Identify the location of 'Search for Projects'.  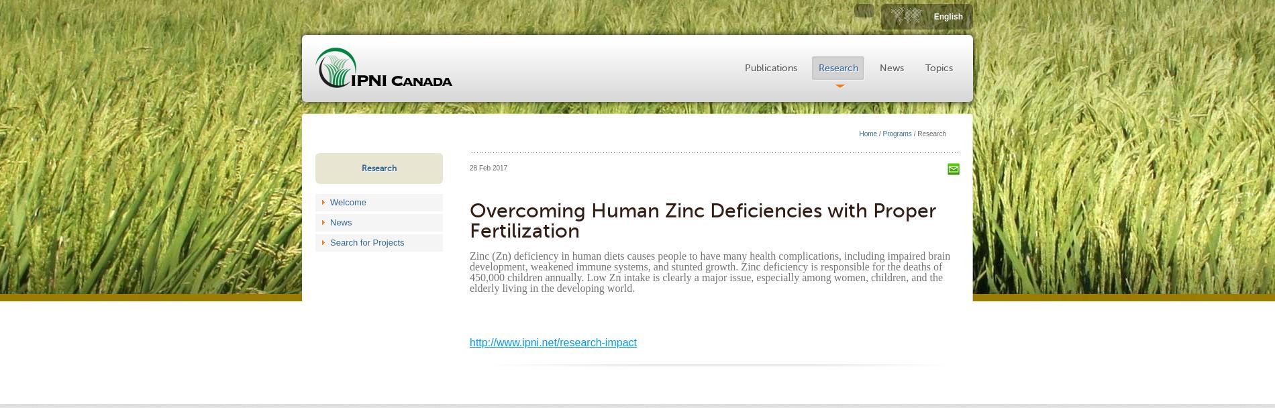
(367, 242).